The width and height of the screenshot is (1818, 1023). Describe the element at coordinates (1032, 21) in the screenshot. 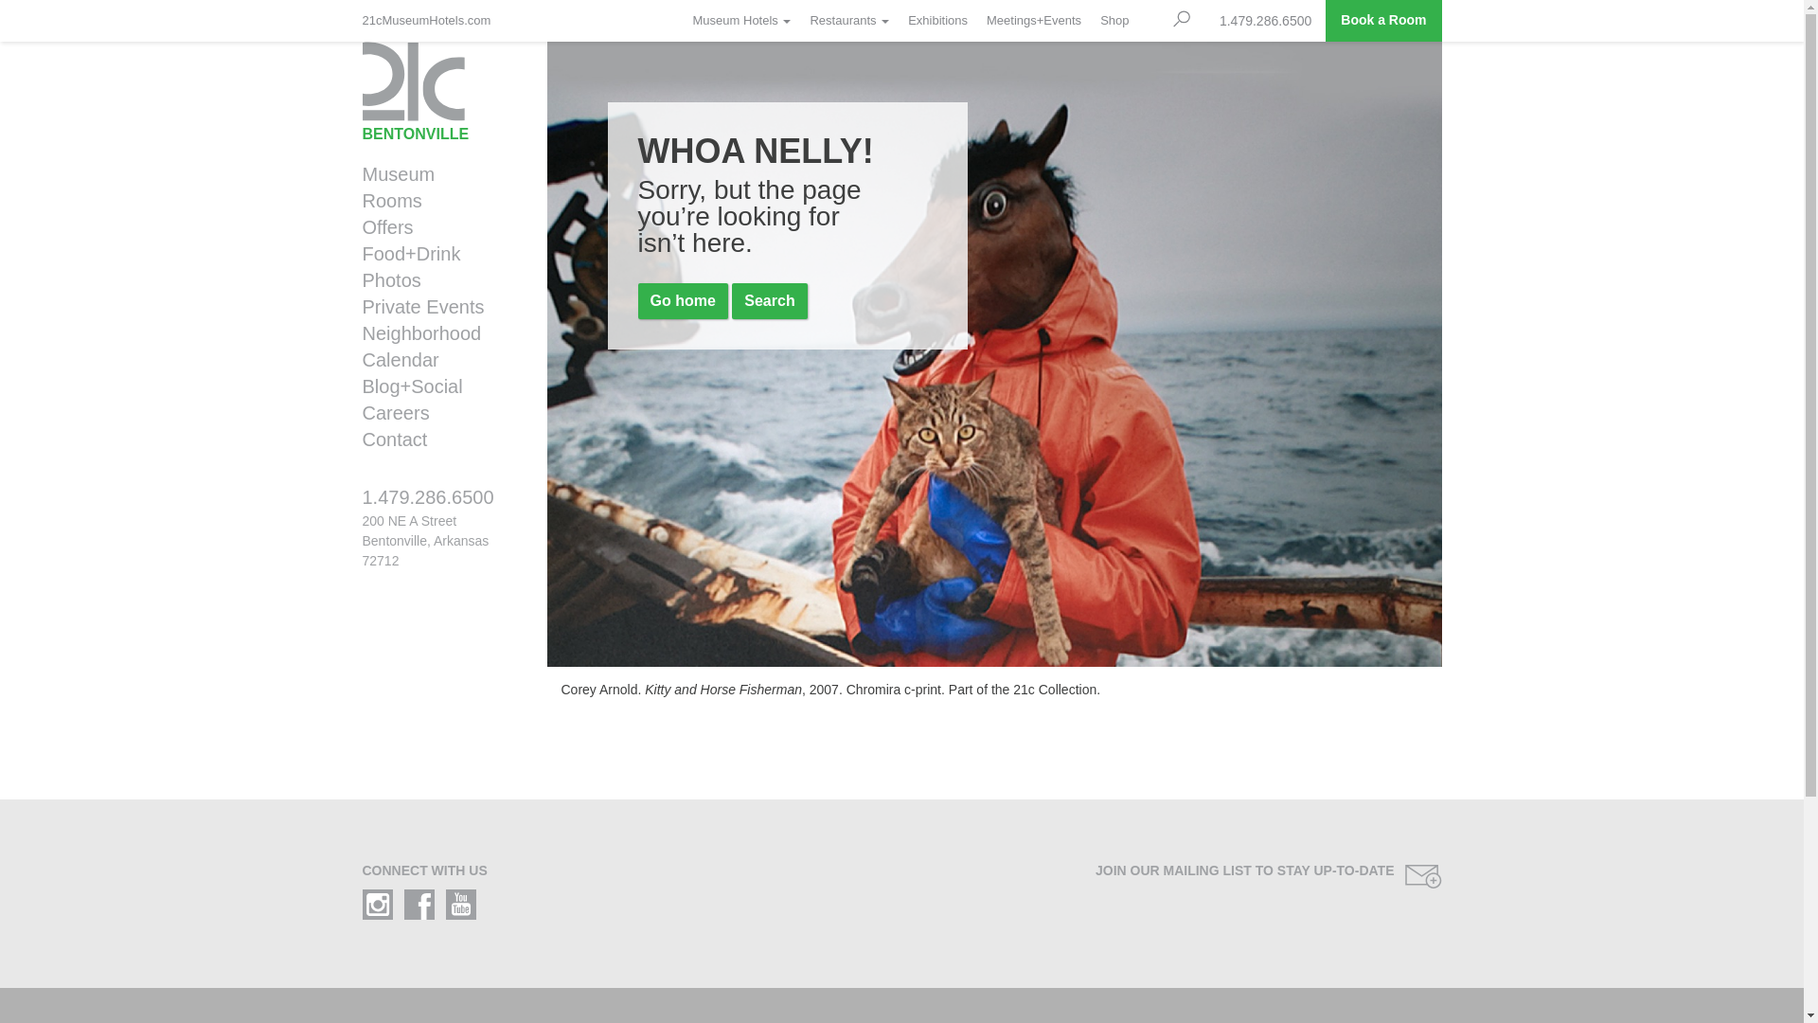

I see `'Meetings+Events'` at that location.